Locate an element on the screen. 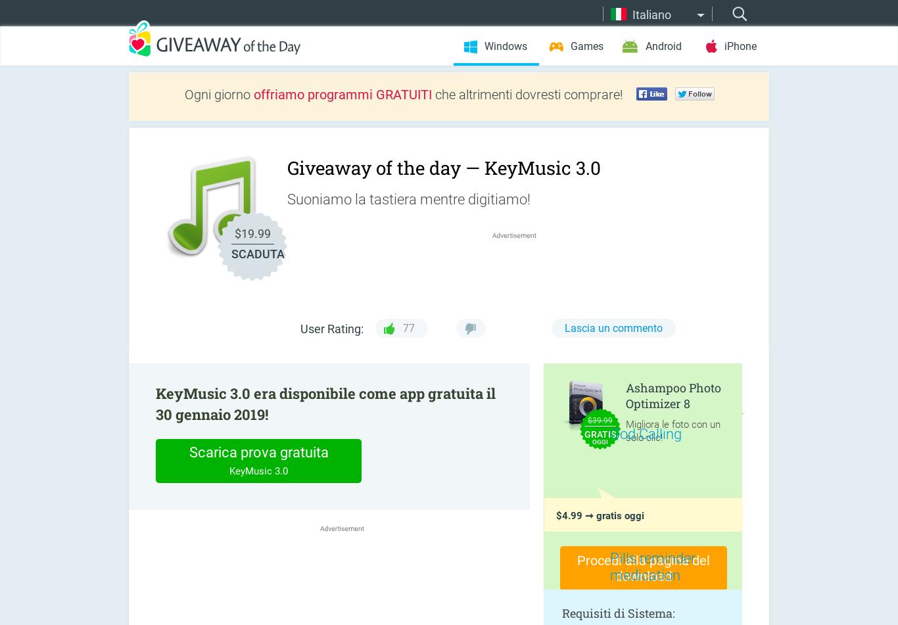 The width and height of the screenshot is (898, 625). 'offriamo programmi GRATUITI' is located at coordinates (253, 94).